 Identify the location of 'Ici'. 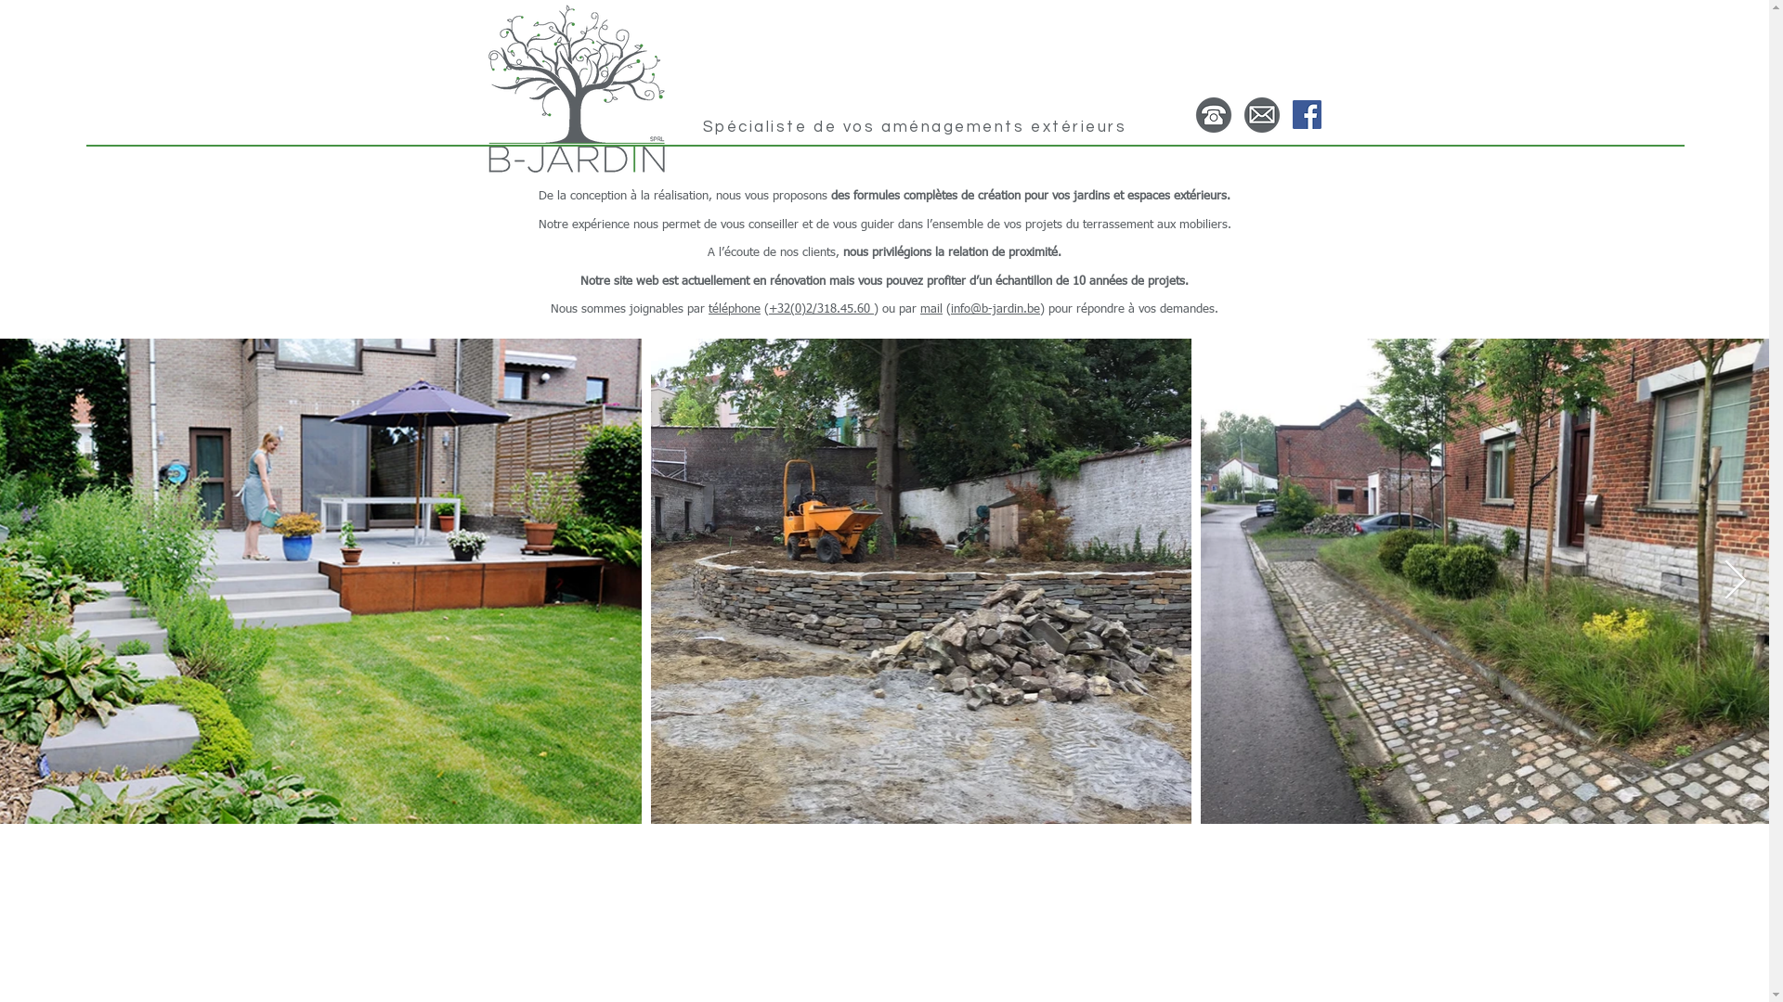
(472, 157).